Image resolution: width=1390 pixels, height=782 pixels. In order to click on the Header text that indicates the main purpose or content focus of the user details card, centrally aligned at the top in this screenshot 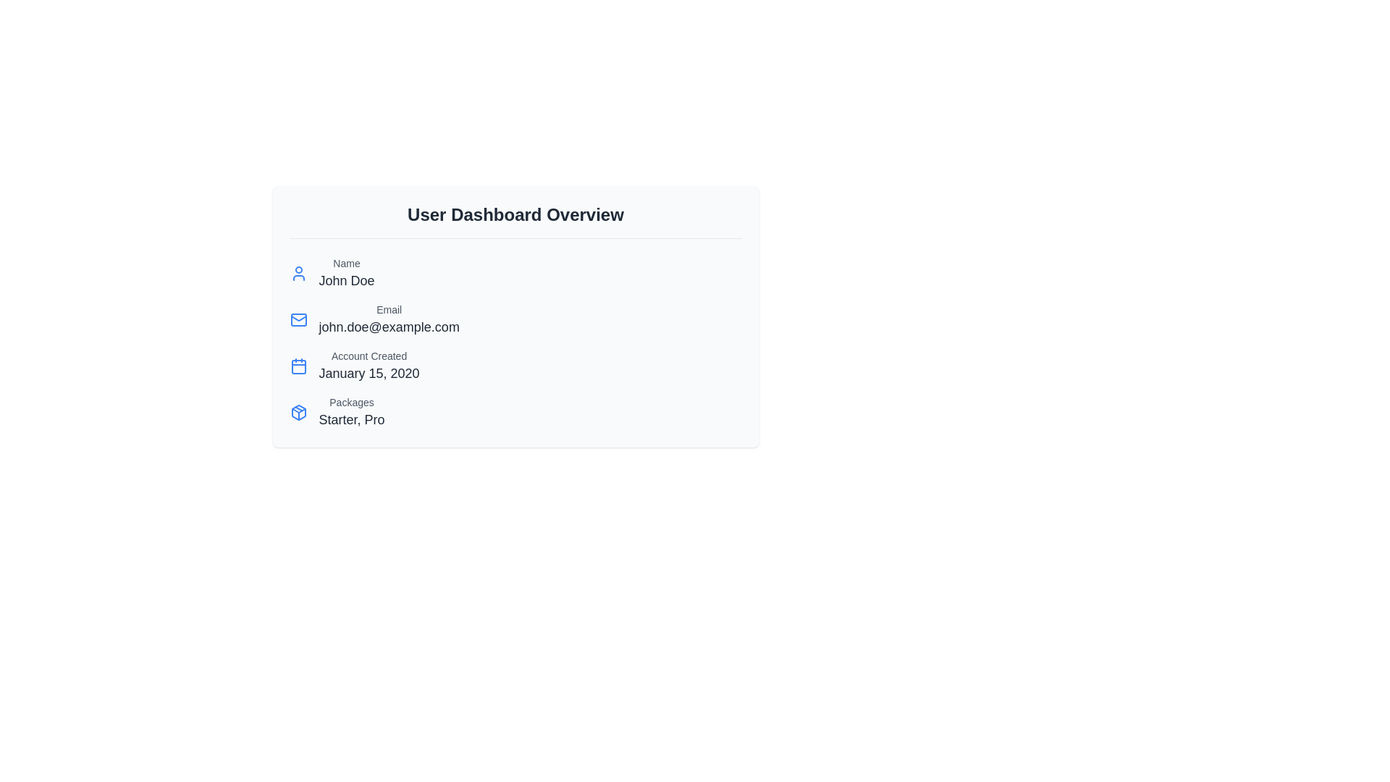, I will do `click(515, 215)`.